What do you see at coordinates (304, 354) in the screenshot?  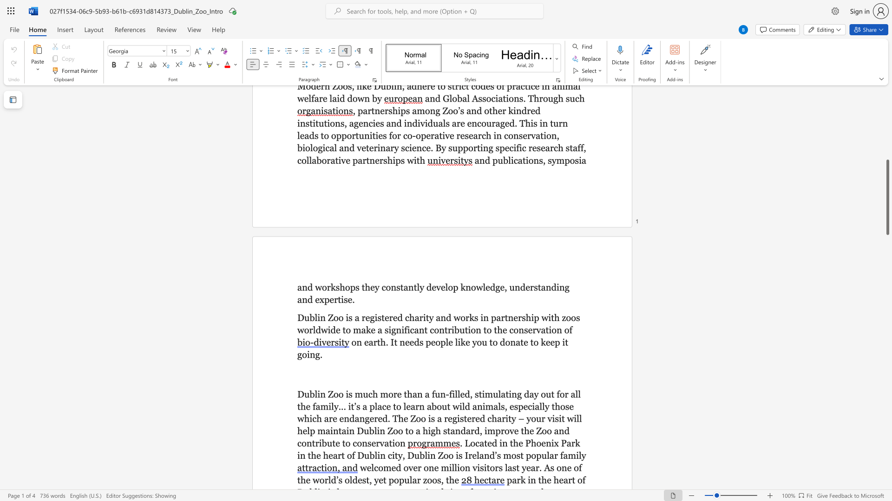 I see `the 7th character "o" in the text` at bounding box center [304, 354].